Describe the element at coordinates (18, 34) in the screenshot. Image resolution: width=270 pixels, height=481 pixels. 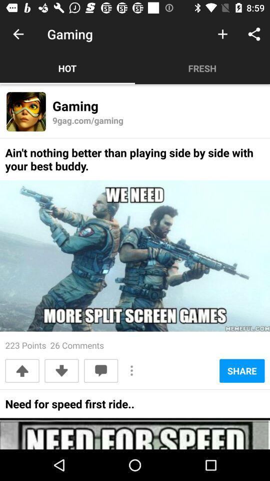
I see `item to the left of the gaming icon` at that location.